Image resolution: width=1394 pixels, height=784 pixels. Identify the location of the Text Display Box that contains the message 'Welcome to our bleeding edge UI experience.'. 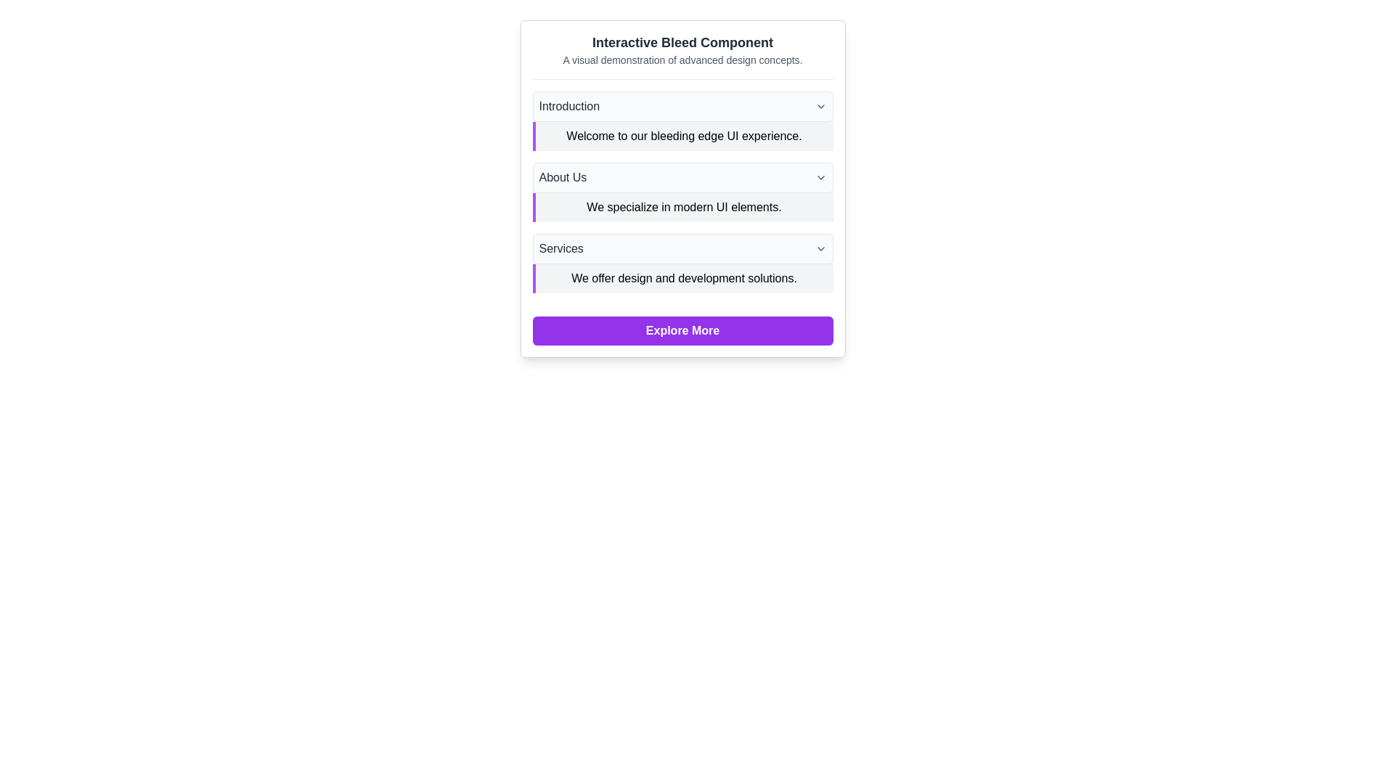
(682, 136).